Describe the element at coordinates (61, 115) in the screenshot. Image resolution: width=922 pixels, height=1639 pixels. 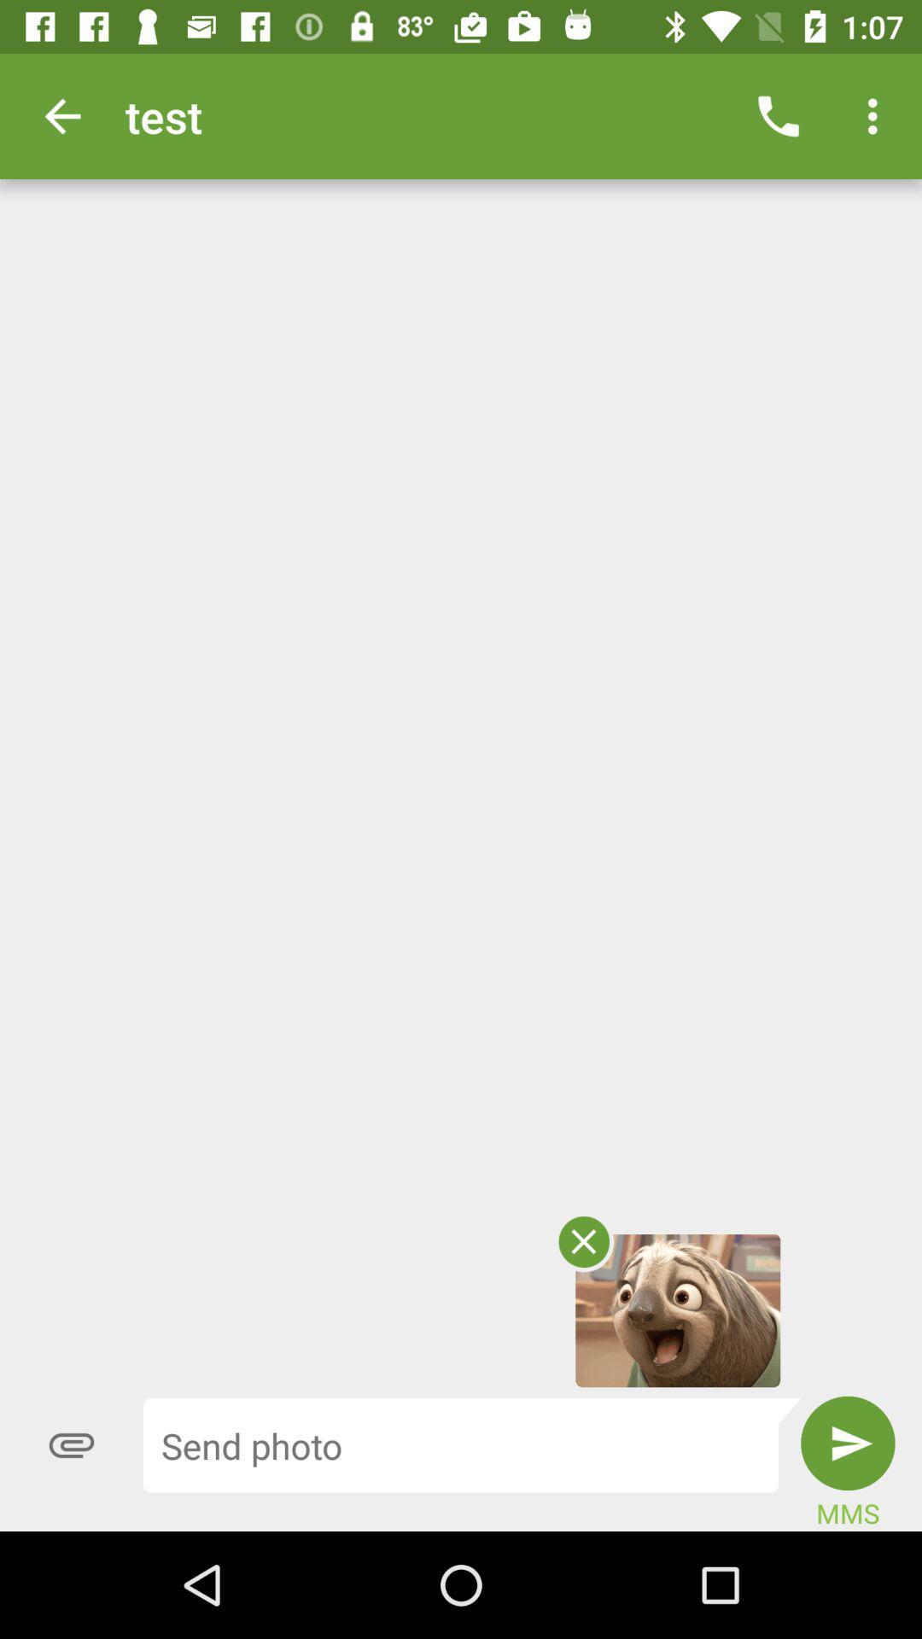
I see `icon at the top left corner` at that location.